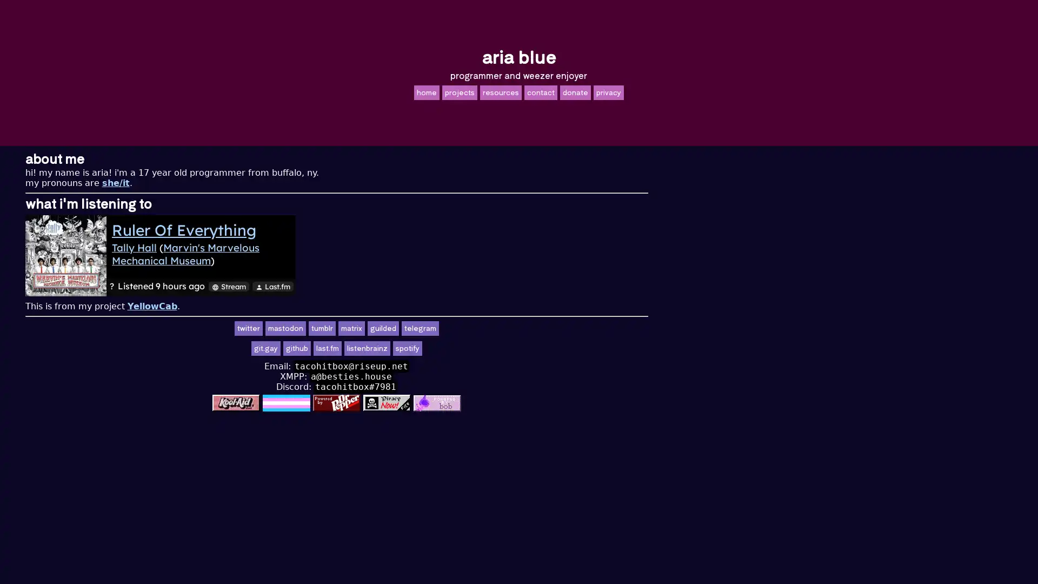 This screenshot has height=584, width=1038. I want to click on tumblr, so click(503, 328).